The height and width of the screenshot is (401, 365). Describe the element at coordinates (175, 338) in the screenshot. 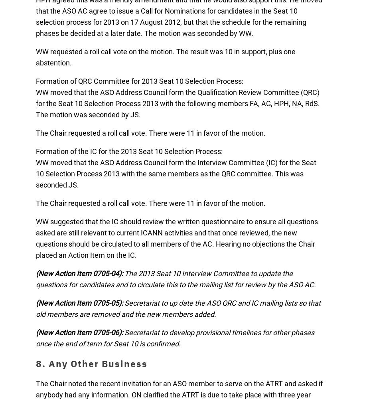

I see `'Secretariat to develop provisional timelines for other phases once the end of term for Seat 10 is confirmed.'` at that location.